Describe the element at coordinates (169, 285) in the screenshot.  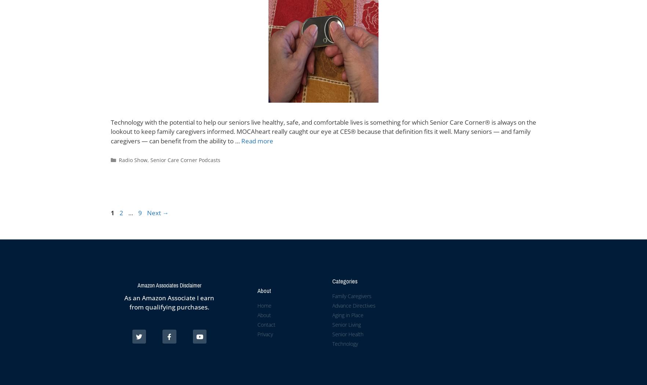
I see `'Amazon Associates Disclaimer'` at that location.